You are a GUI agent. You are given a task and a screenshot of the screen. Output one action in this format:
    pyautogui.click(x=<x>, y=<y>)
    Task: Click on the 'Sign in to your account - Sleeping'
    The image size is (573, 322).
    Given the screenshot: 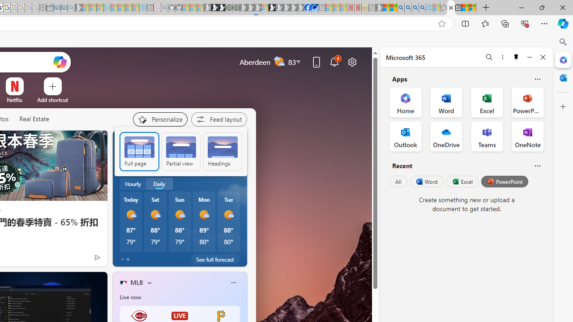 What is the action you would take?
    pyautogui.click(x=264, y=8)
    